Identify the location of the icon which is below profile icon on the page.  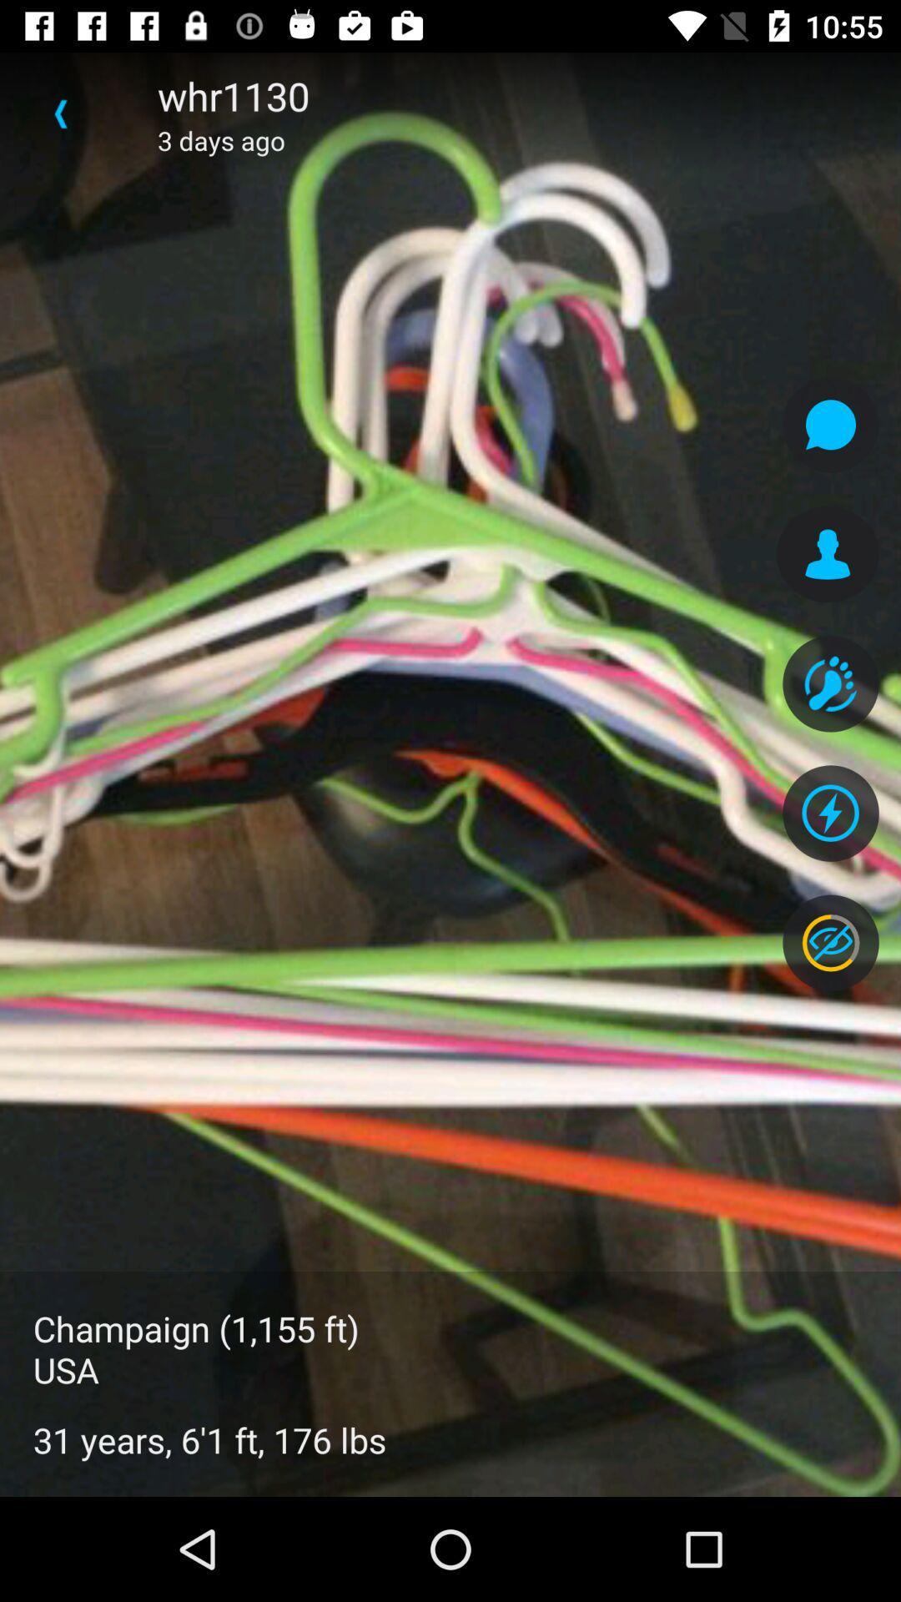
(830, 684).